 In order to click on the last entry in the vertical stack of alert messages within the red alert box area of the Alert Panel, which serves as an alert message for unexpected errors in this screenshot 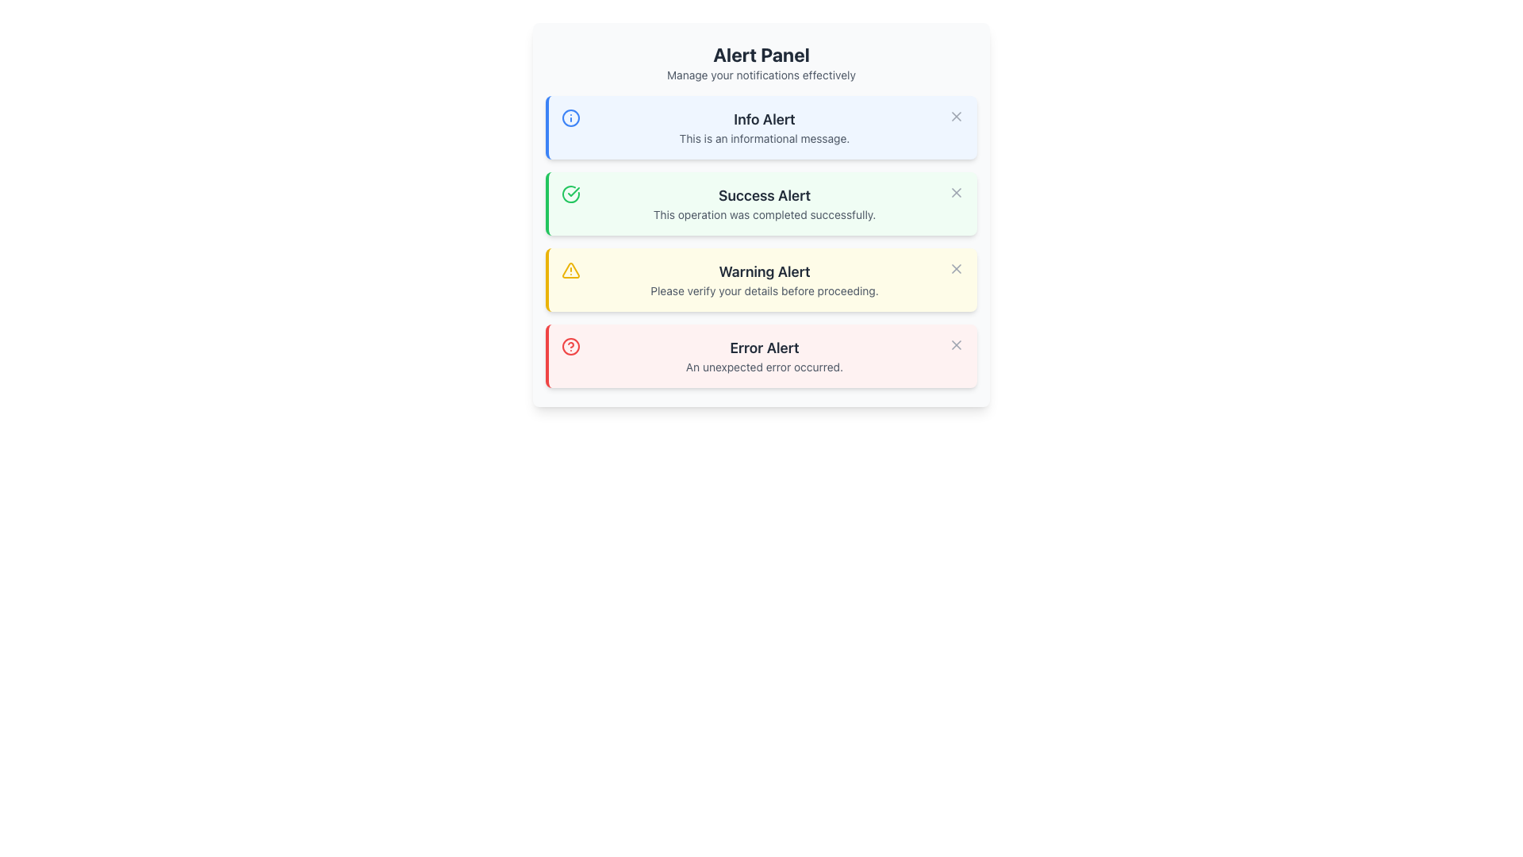, I will do `click(765, 355)`.